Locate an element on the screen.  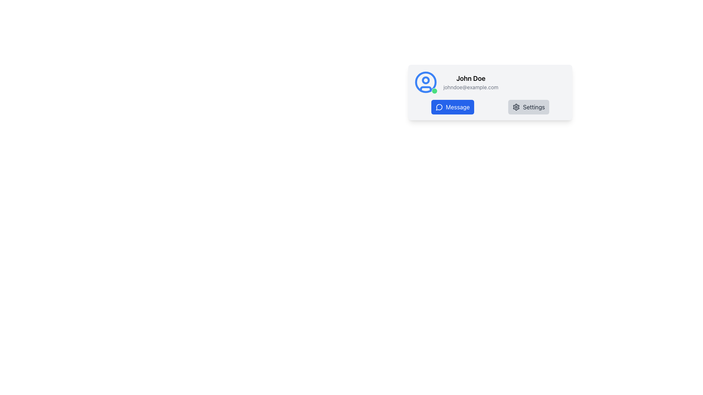
the gear-shaped SVG icon located next to the 'Settings' text in the lower-right corner of the profile card is located at coordinates (516, 107).